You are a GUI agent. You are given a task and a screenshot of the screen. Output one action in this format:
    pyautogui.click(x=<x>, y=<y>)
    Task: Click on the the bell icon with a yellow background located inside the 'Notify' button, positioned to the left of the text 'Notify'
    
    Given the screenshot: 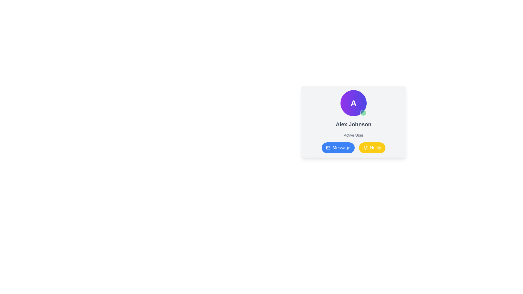 What is the action you would take?
    pyautogui.click(x=366, y=148)
    